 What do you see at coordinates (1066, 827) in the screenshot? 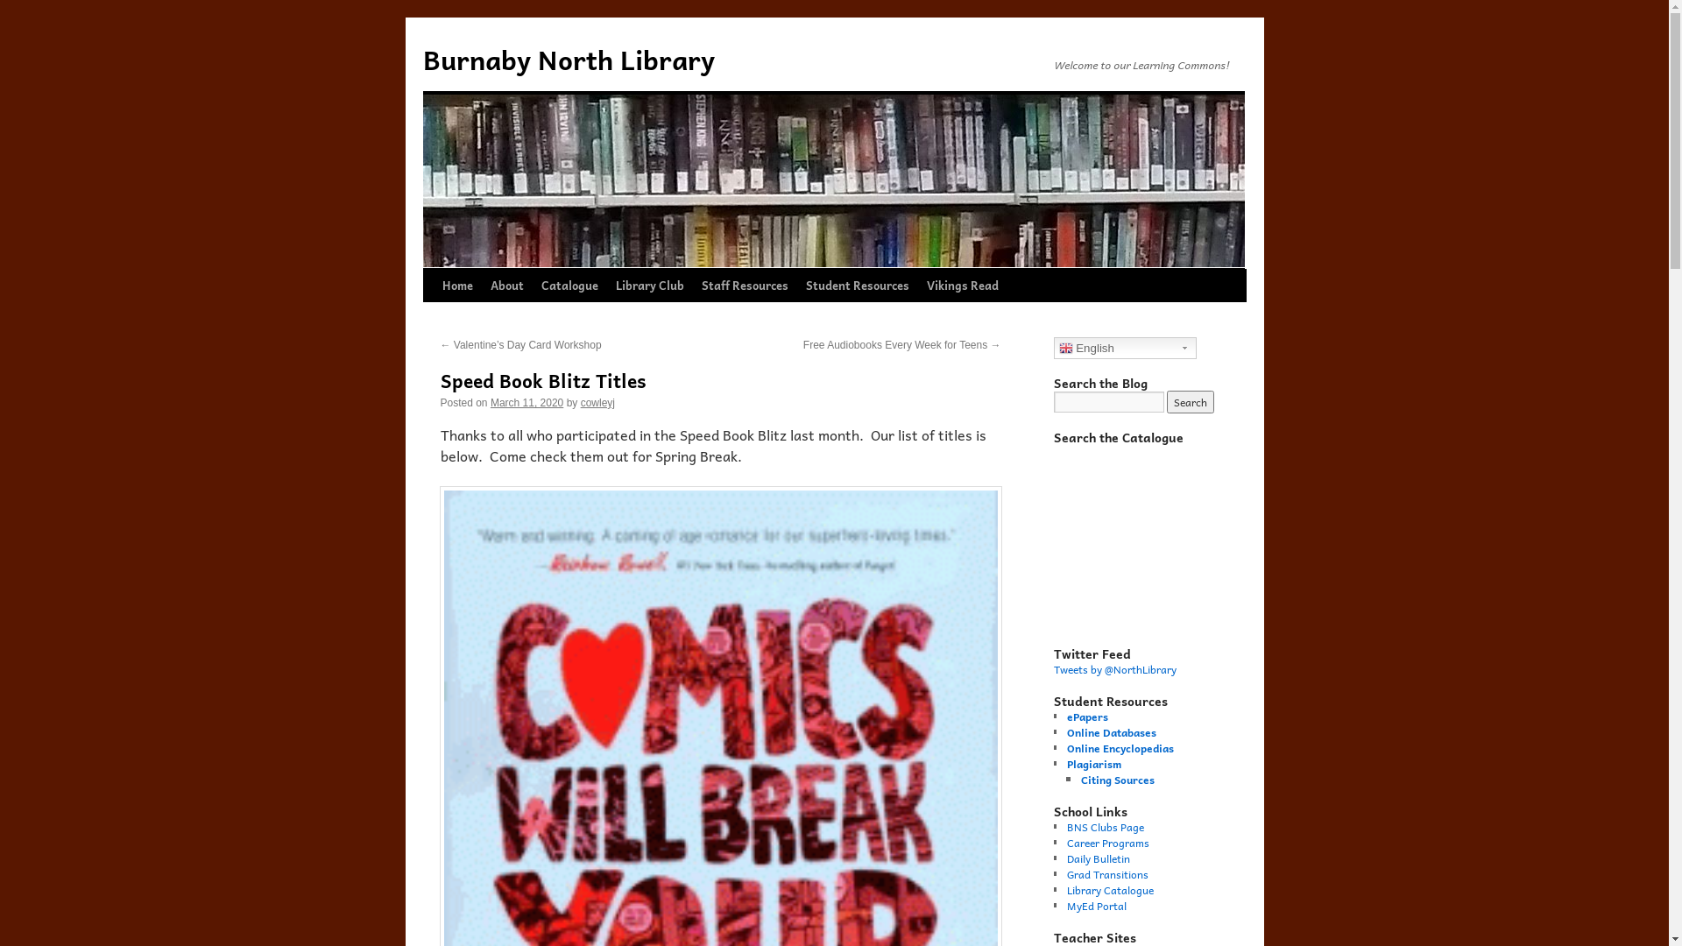
I see `'BNS Clubs Page'` at bounding box center [1066, 827].